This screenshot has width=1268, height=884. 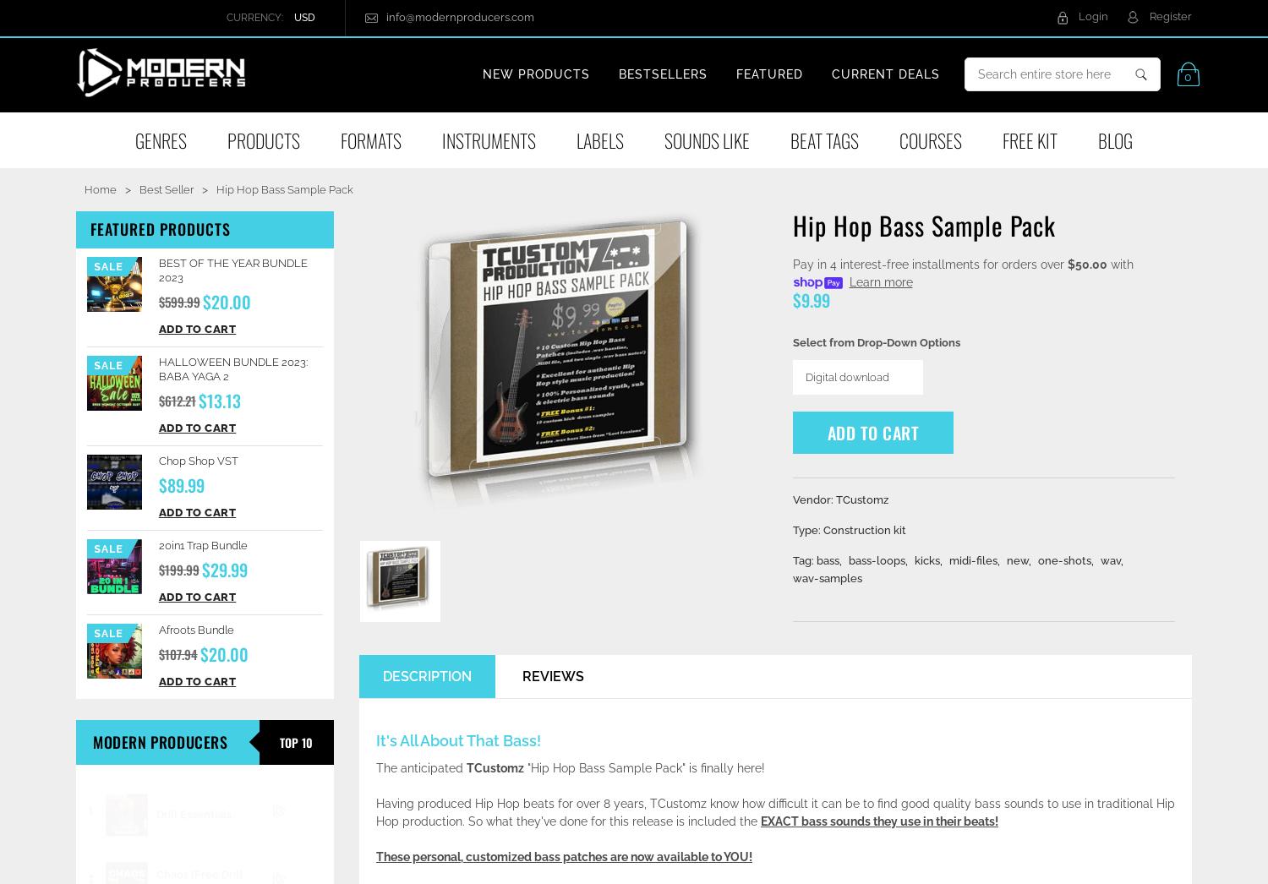 What do you see at coordinates (427, 676) in the screenshot?
I see `'Description'` at bounding box center [427, 676].